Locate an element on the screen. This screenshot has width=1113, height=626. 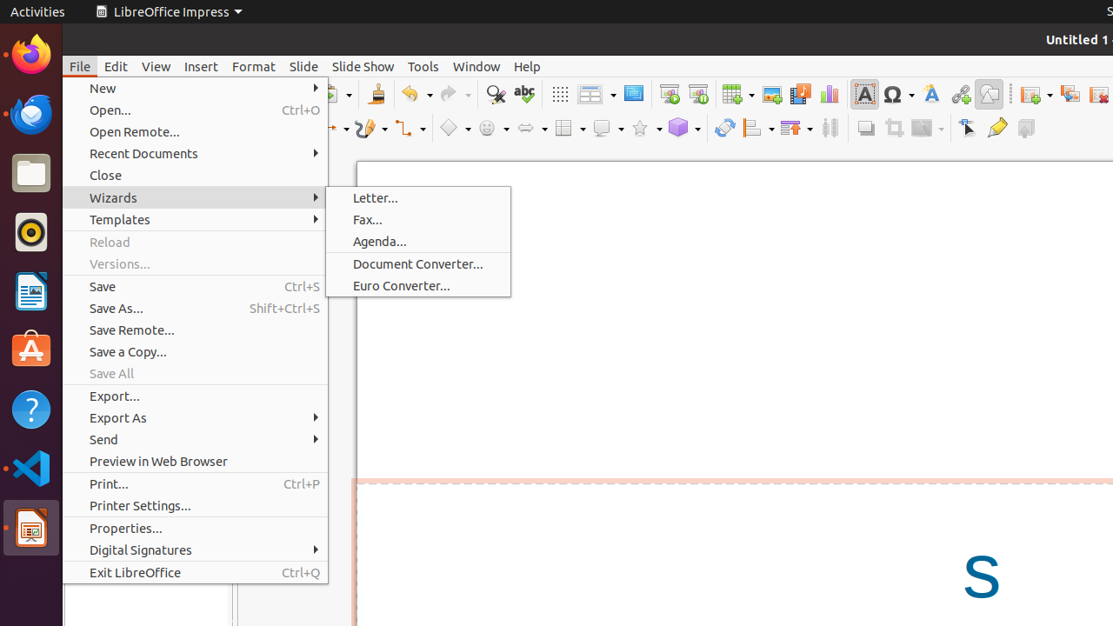
'Properties...' is located at coordinates (195, 527).